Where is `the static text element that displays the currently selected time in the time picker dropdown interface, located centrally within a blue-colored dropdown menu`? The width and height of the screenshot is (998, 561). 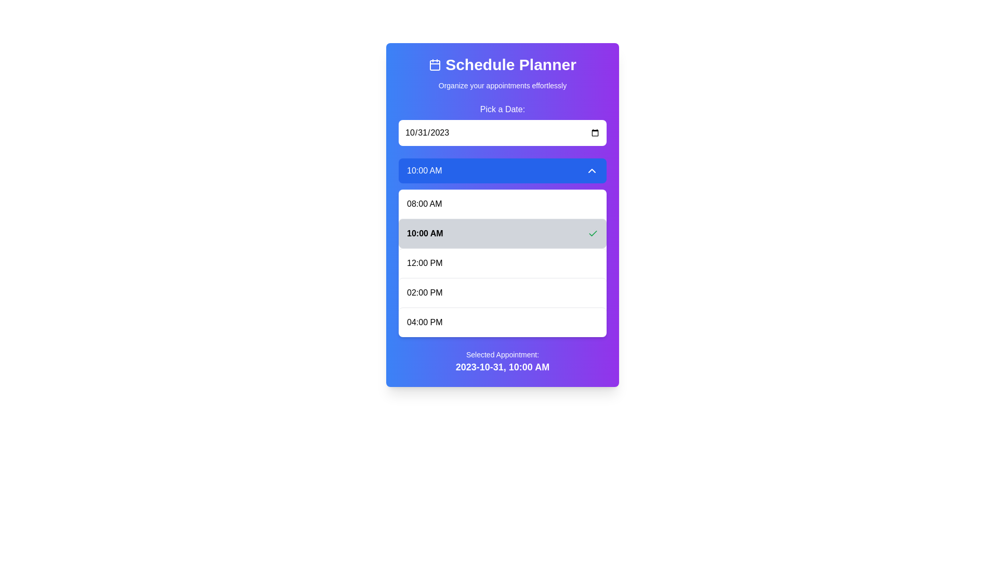 the static text element that displays the currently selected time in the time picker dropdown interface, located centrally within a blue-colored dropdown menu is located at coordinates (424, 170).